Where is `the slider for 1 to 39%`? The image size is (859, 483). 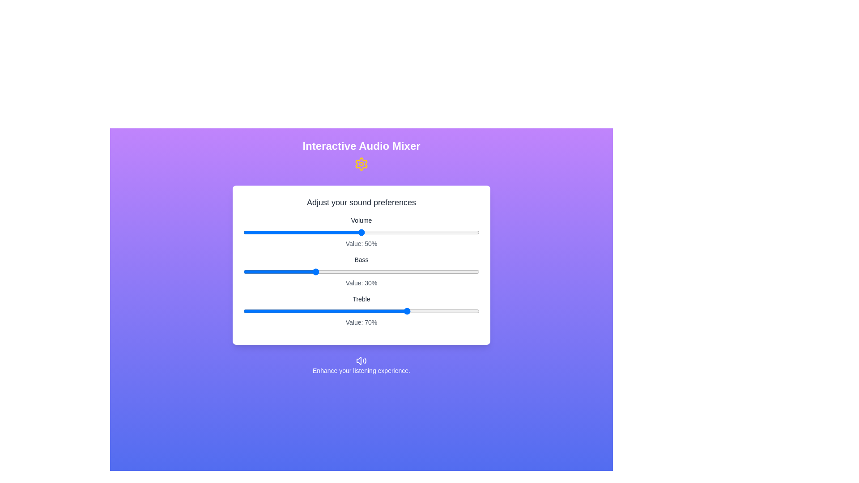 the slider for 1 to 39% is located at coordinates (335, 271).